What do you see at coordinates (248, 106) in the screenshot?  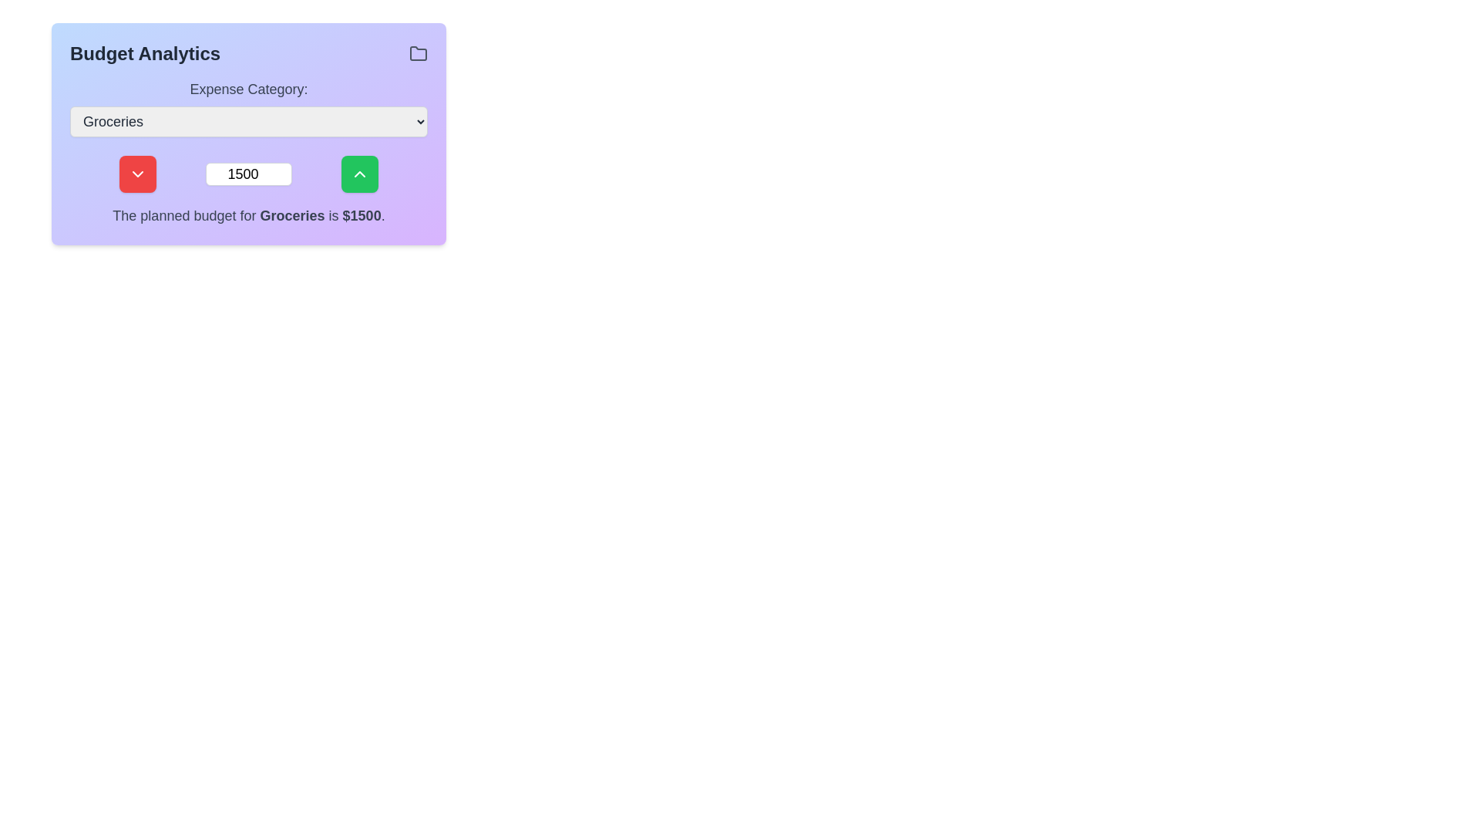 I see `the dropdown menu located in the upper-middle part of the 'Budget Analytics' card` at bounding box center [248, 106].